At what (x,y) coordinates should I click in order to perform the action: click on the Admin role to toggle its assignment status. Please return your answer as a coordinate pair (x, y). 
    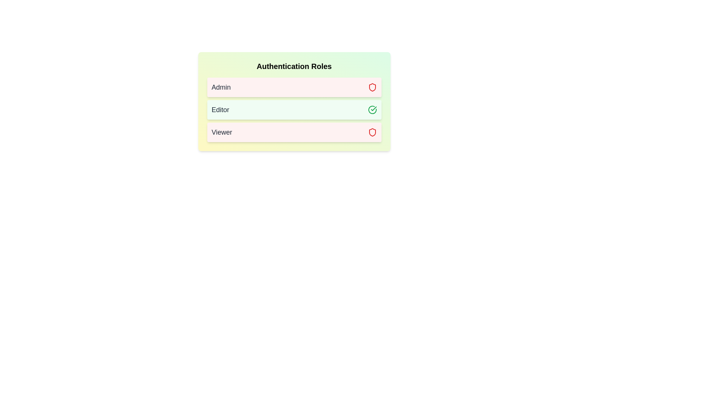
    Looking at the image, I should click on (294, 87).